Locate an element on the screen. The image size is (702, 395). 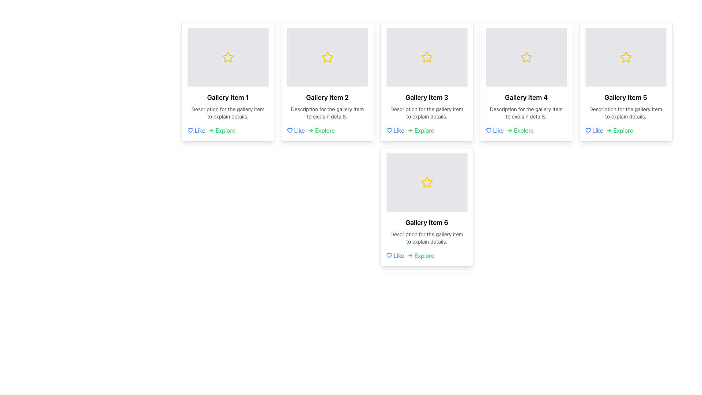
text block styled with a small font size and gray color containing 'Description for the gallery item to explain details.' located below the 'Gallery Item 3' title in the third card of the gallery grid is located at coordinates (427, 113).